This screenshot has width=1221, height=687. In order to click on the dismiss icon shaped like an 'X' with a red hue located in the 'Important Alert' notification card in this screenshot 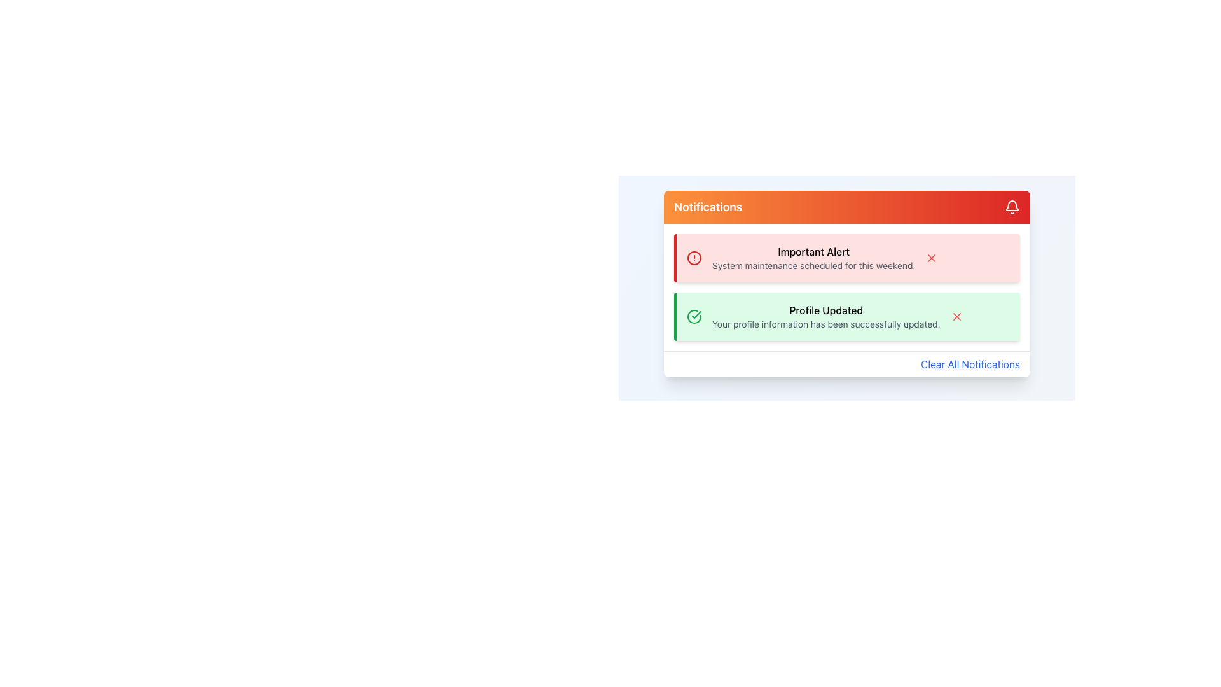, I will do `click(932, 258)`.